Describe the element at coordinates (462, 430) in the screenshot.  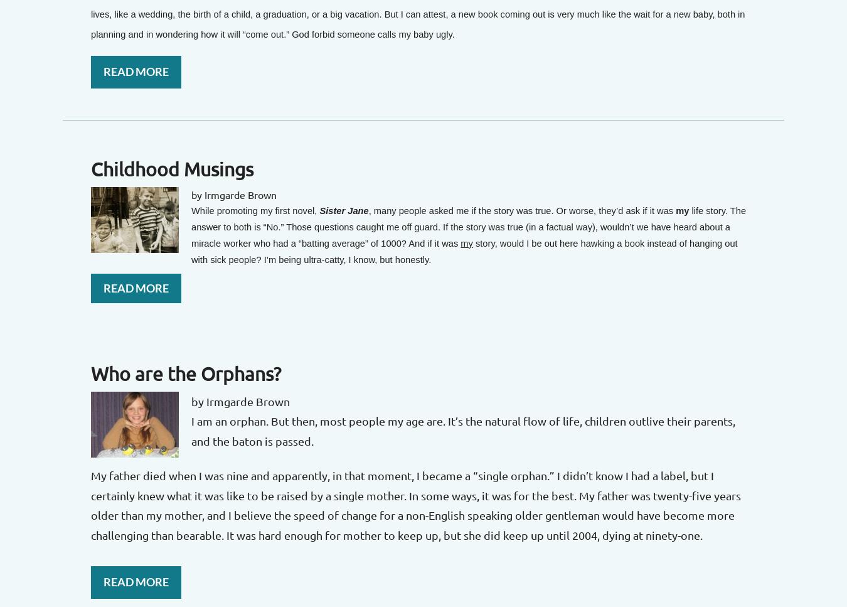
I see `'I am an orphan. But then, most people my age are. It’s the natural flow of life, children outlive their parents, and the baton is passed.'` at that location.